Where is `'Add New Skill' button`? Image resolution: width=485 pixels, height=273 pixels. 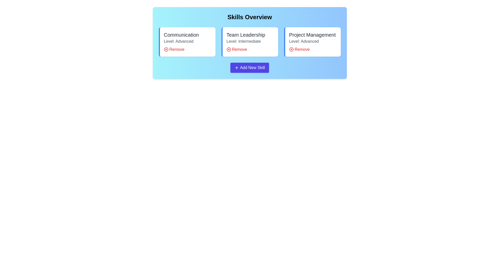
'Add New Skill' button is located at coordinates (250, 67).